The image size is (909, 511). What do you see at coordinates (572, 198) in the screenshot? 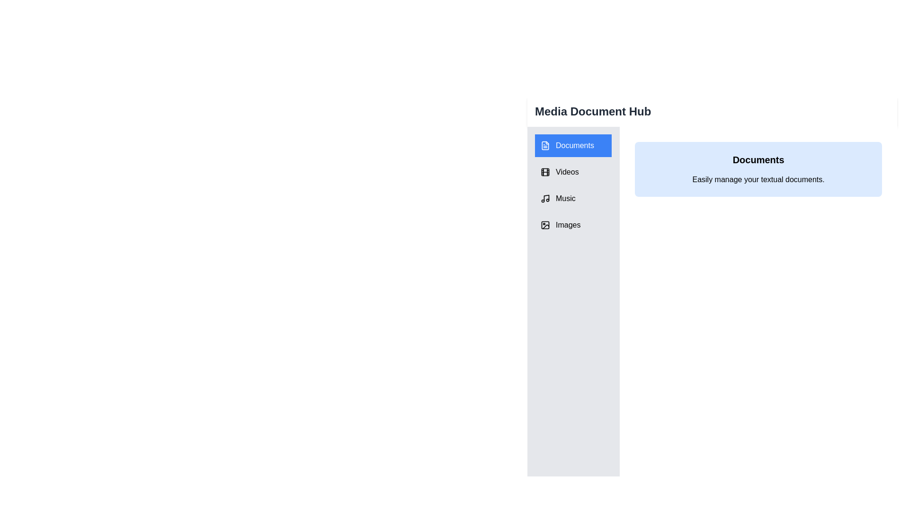
I see `the Music tab to view its content` at bounding box center [572, 198].